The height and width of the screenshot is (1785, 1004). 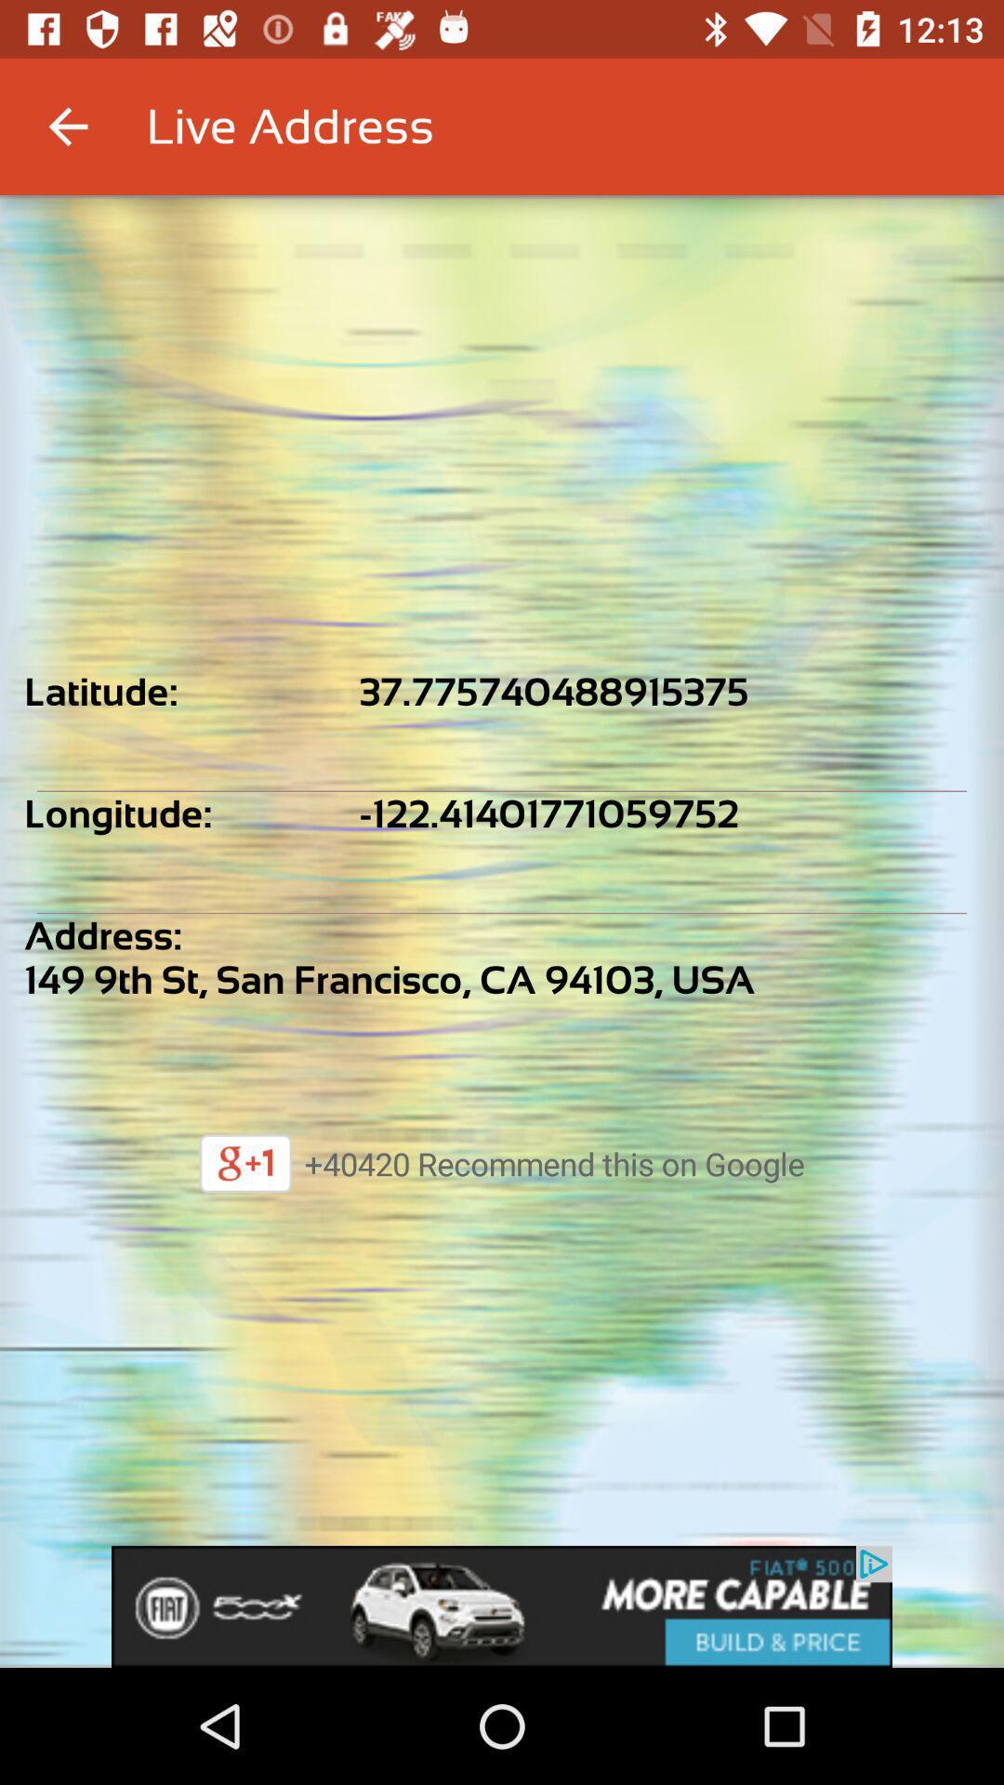 What do you see at coordinates (502, 1606) in the screenshot?
I see `advertisement` at bounding box center [502, 1606].